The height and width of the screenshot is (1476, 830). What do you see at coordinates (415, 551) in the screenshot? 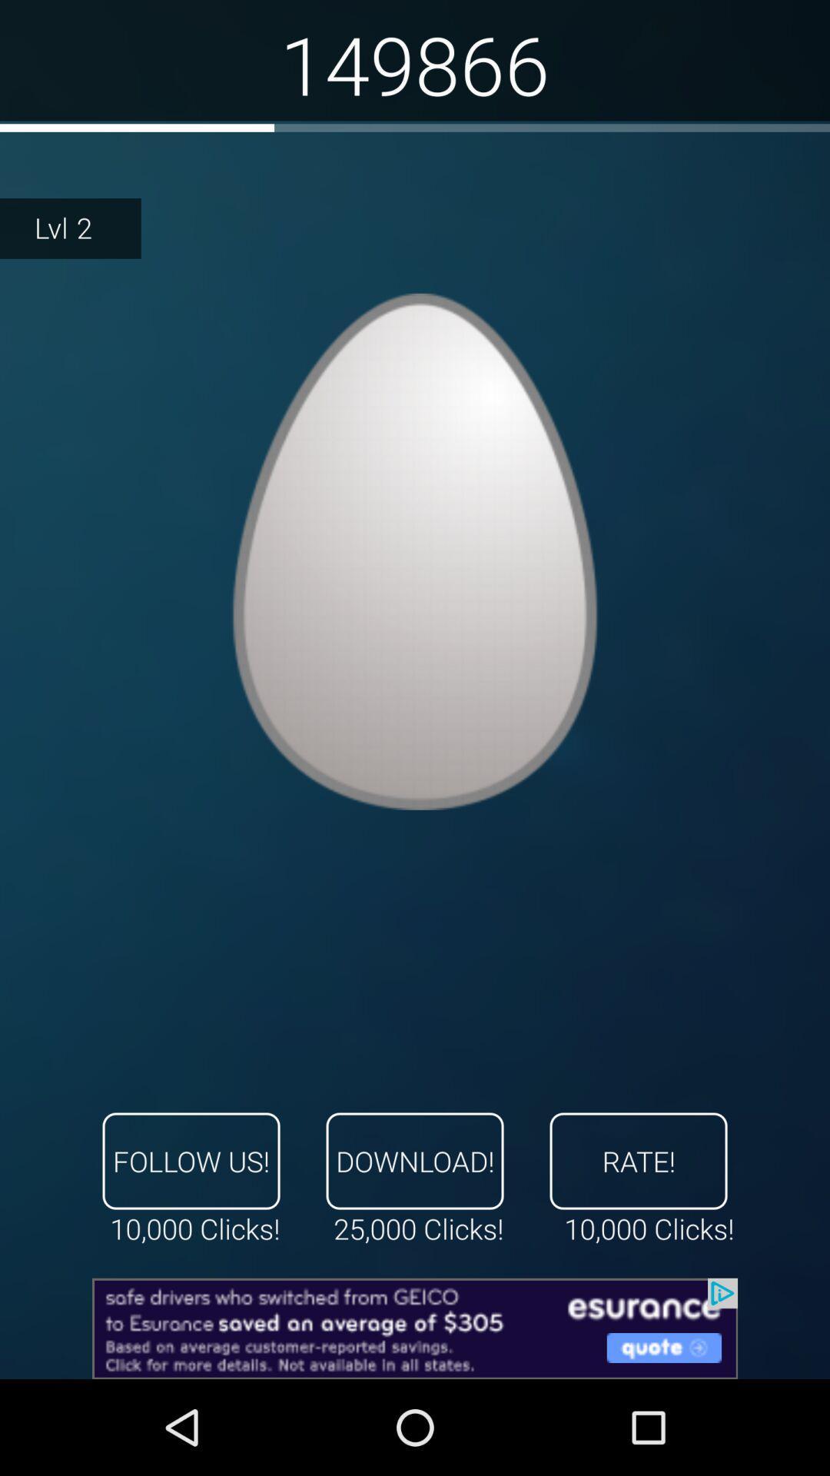
I see `click image` at bounding box center [415, 551].